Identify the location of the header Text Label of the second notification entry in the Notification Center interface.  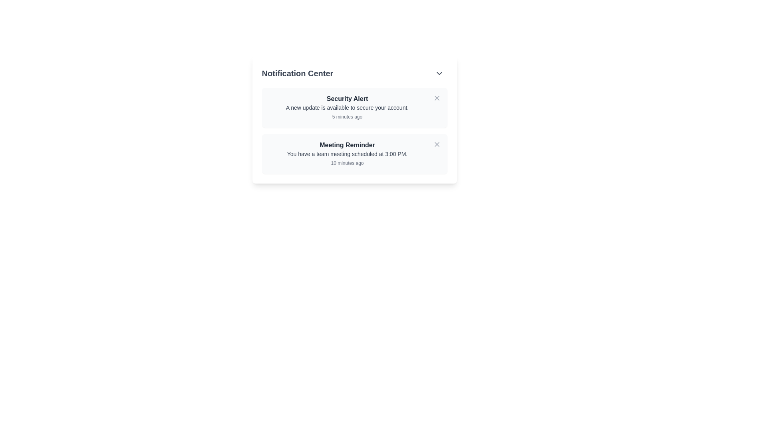
(347, 145).